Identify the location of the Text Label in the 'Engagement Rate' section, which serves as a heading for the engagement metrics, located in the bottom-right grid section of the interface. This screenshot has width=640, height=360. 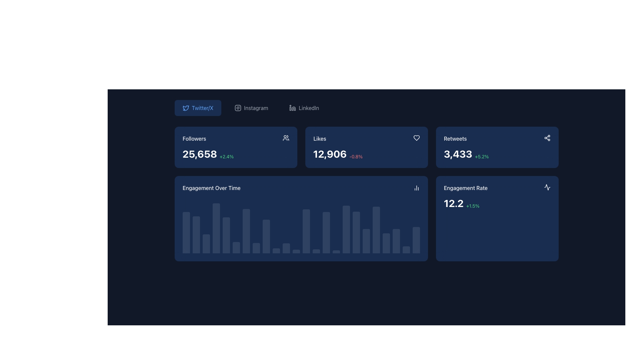
(465, 188).